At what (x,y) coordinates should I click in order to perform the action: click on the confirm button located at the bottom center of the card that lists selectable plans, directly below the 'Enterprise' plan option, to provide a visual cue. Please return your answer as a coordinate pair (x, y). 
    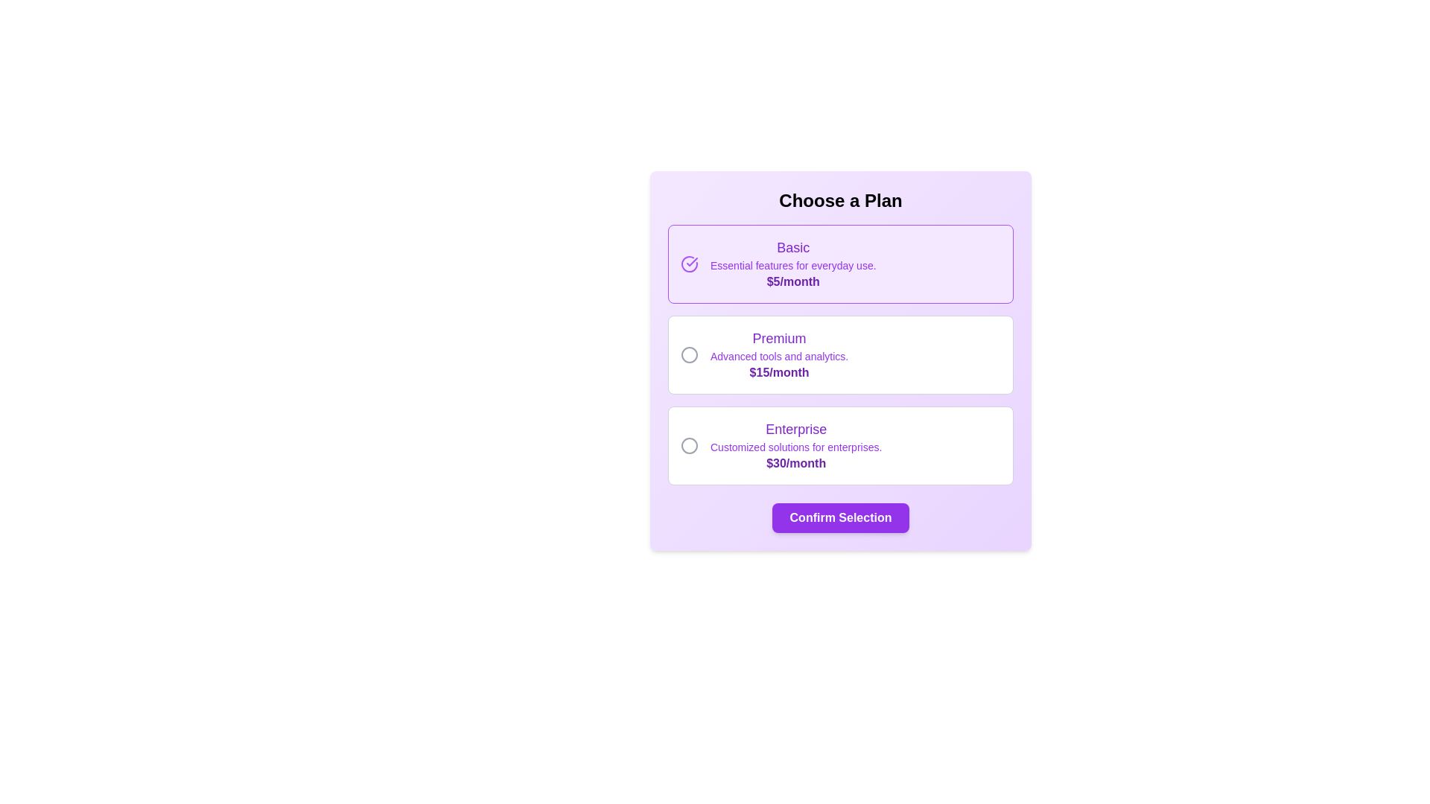
    Looking at the image, I should click on (840, 517).